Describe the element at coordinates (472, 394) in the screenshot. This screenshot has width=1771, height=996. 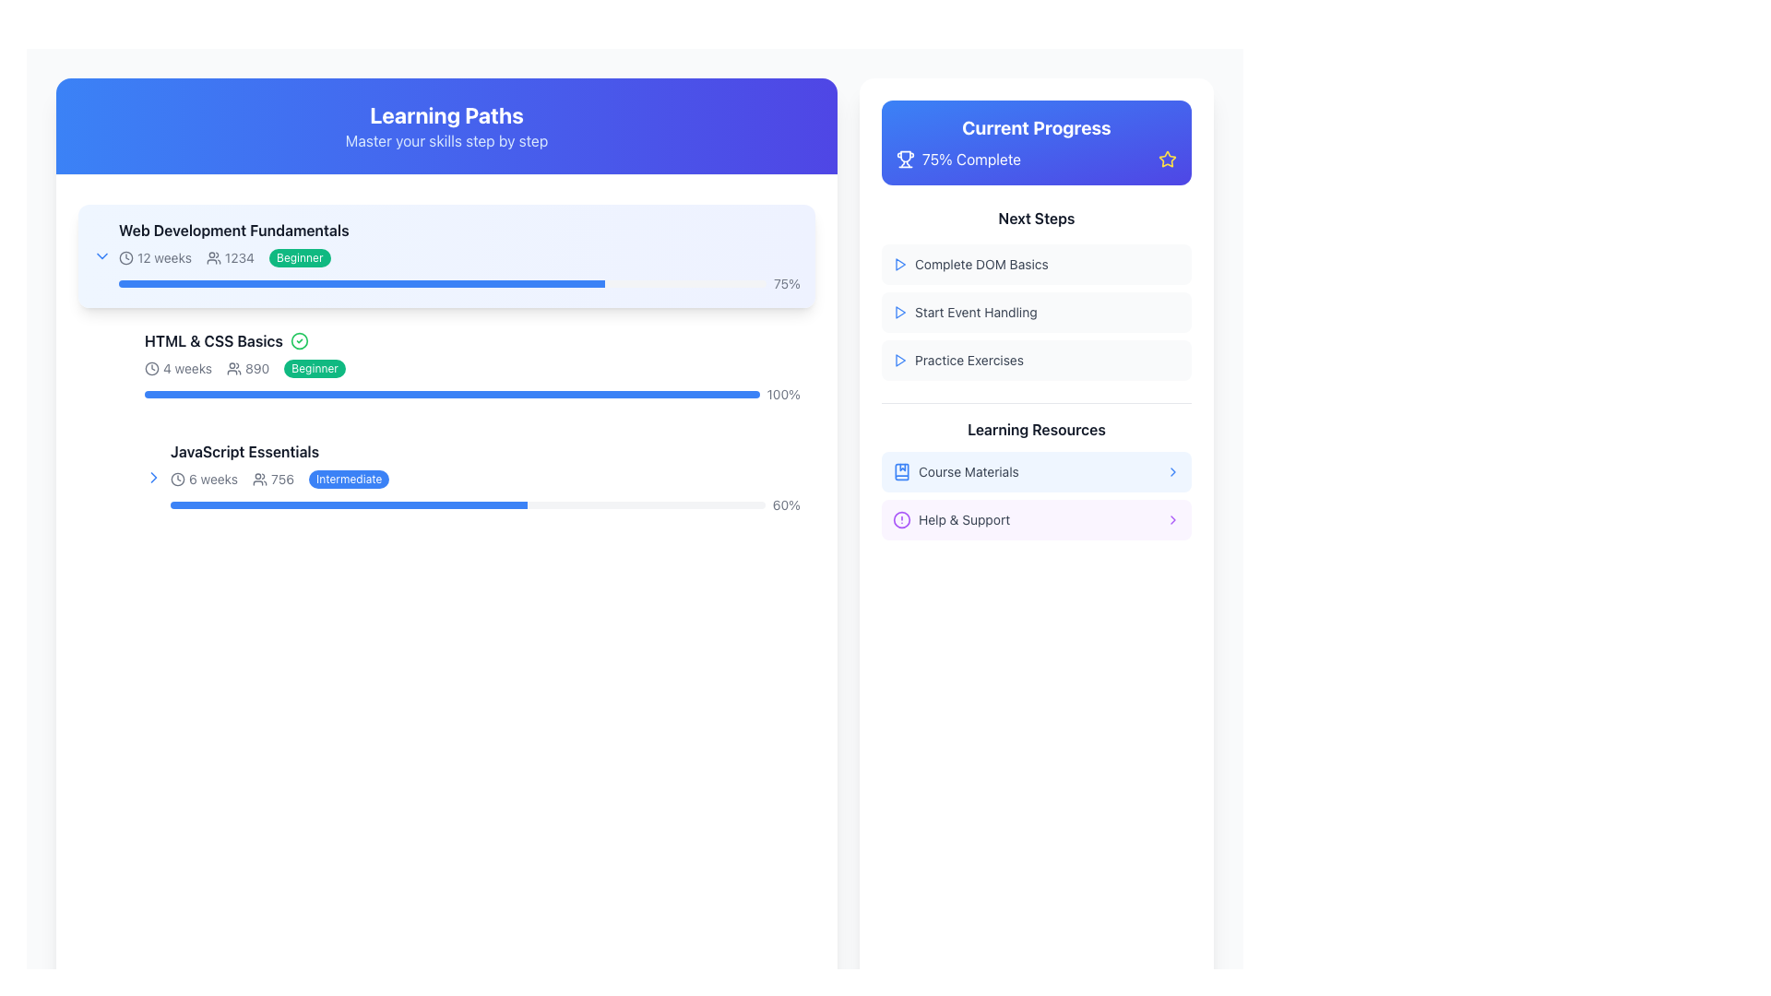
I see `the progress bar that visually represents the user's progress in the 'HTML & CSS Basics' course, located within the 'Learning Paths: Master your skills step by step' section` at that location.